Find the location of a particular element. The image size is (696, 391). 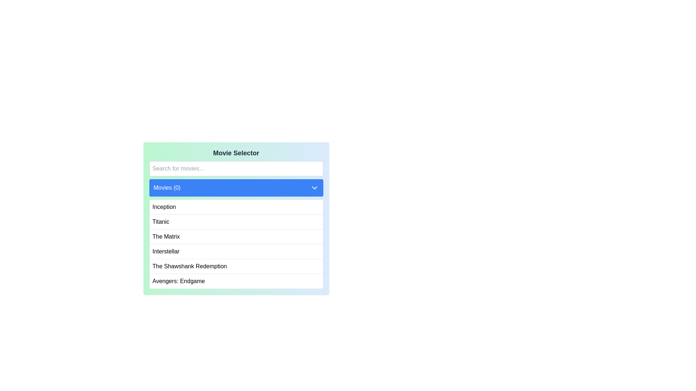

the third selectable list item in the dropdown, which is positioned between 'Titanic' and 'Interstellar' is located at coordinates (166, 237).